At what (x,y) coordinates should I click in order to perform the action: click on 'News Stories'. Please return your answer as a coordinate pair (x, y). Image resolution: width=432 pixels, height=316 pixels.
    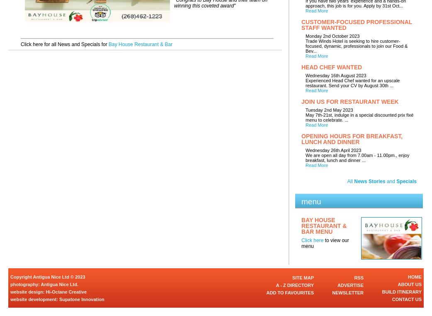
    Looking at the image, I should click on (369, 181).